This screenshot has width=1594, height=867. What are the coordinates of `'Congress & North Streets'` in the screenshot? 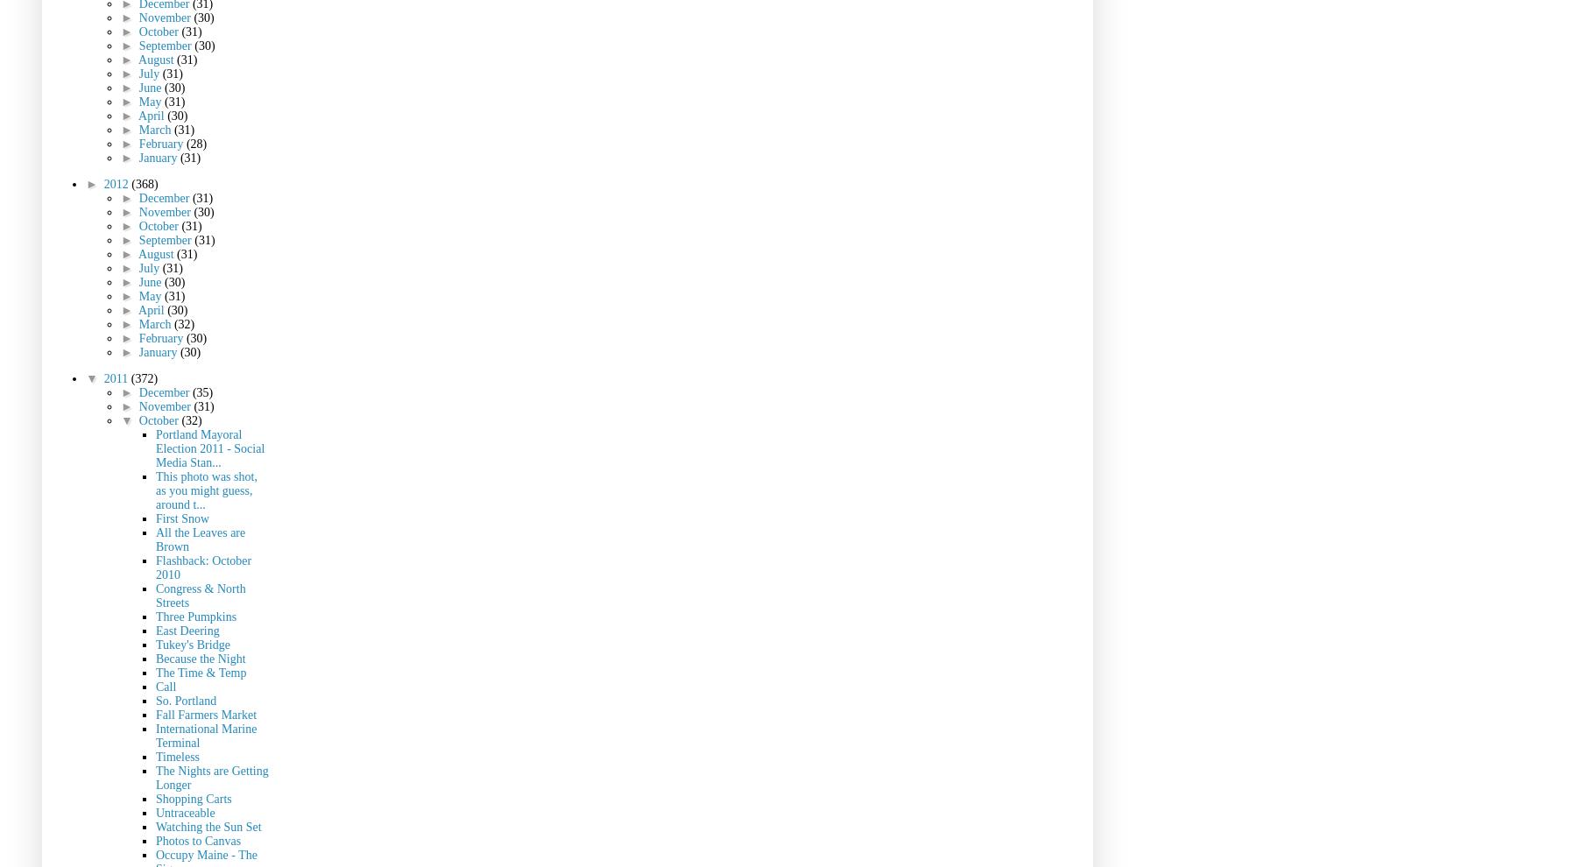 It's located at (155, 595).